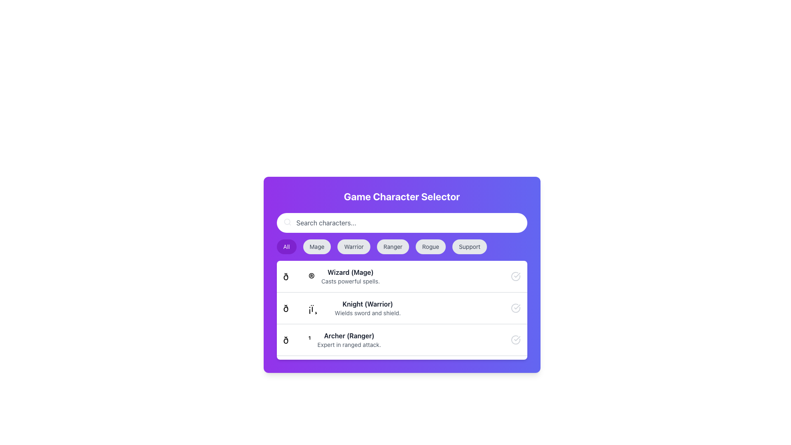  I want to click on the text label displaying 'Knight (Warrior)' in the character selection modal, so click(367, 304).